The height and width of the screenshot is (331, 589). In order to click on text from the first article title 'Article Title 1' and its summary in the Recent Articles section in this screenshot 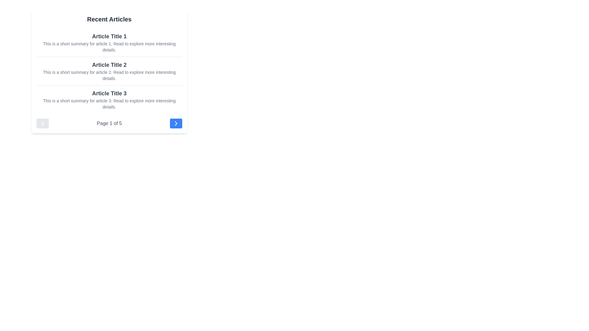, I will do `click(109, 42)`.